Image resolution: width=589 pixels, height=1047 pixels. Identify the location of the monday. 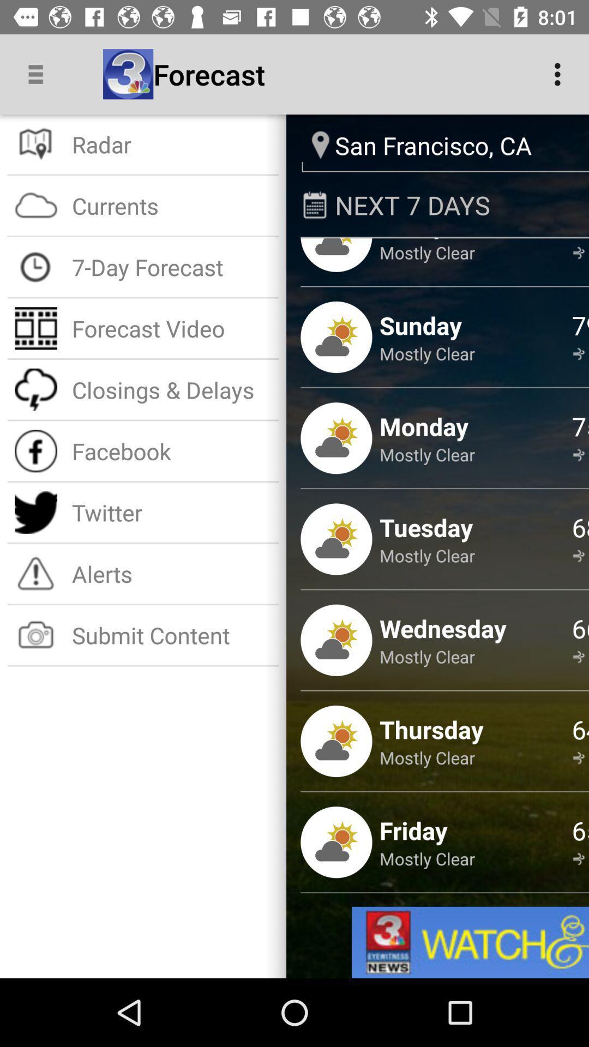
(423, 425).